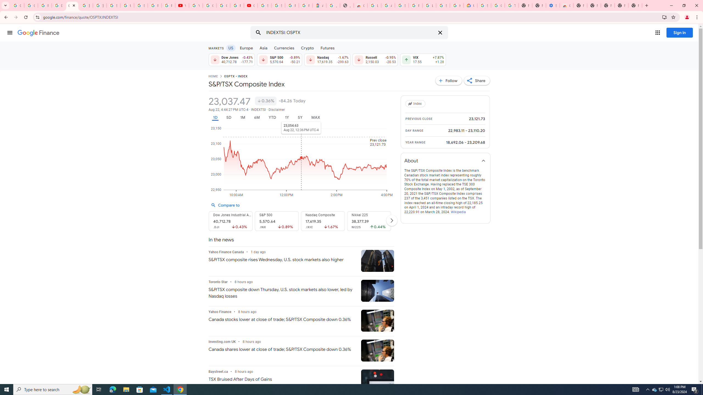 Image resolution: width=703 pixels, height=395 pixels. I want to click on '5Y', so click(300, 117).